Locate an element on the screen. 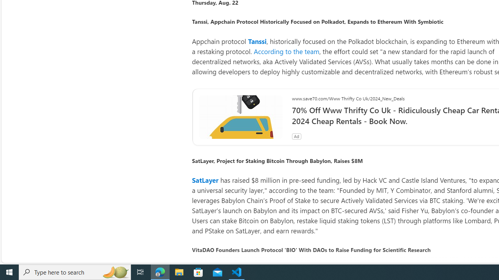 The width and height of the screenshot is (499, 280). 'Tanssi' is located at coordinates (257, 41).